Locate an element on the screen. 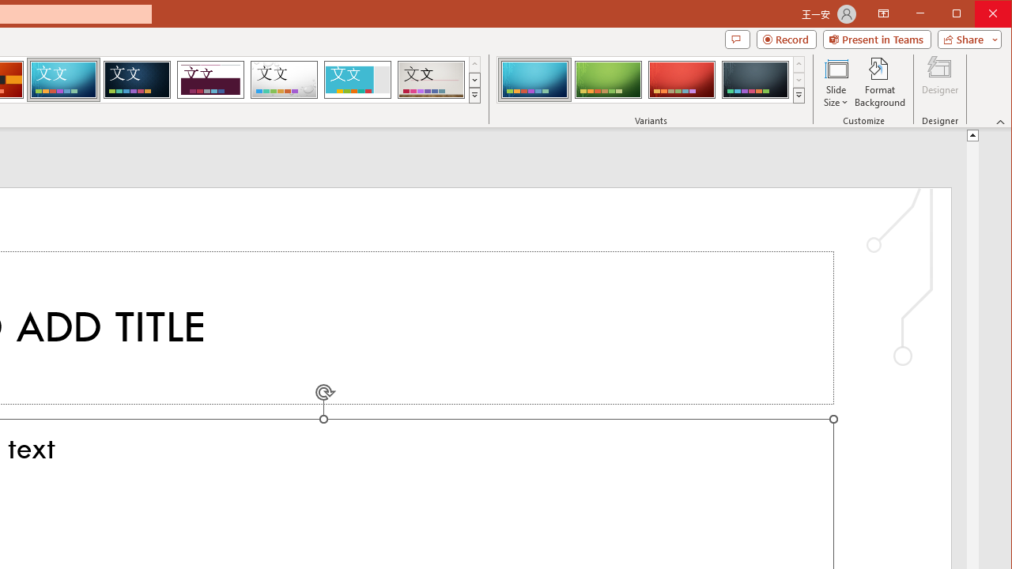 Image resolution: width=1012 pixels, height=569 pixels. 'Share' is located at coordinates (965, 39).